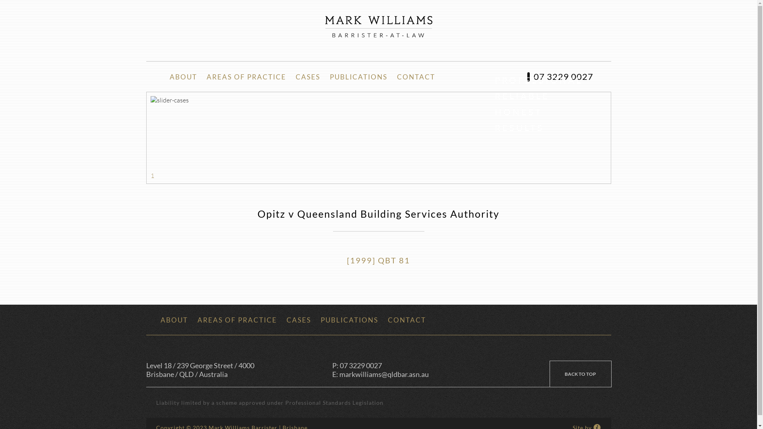 The width and height of the screenshot is (763, 429). I want to click on 'PUBLICATIONS', so click(325, 76).